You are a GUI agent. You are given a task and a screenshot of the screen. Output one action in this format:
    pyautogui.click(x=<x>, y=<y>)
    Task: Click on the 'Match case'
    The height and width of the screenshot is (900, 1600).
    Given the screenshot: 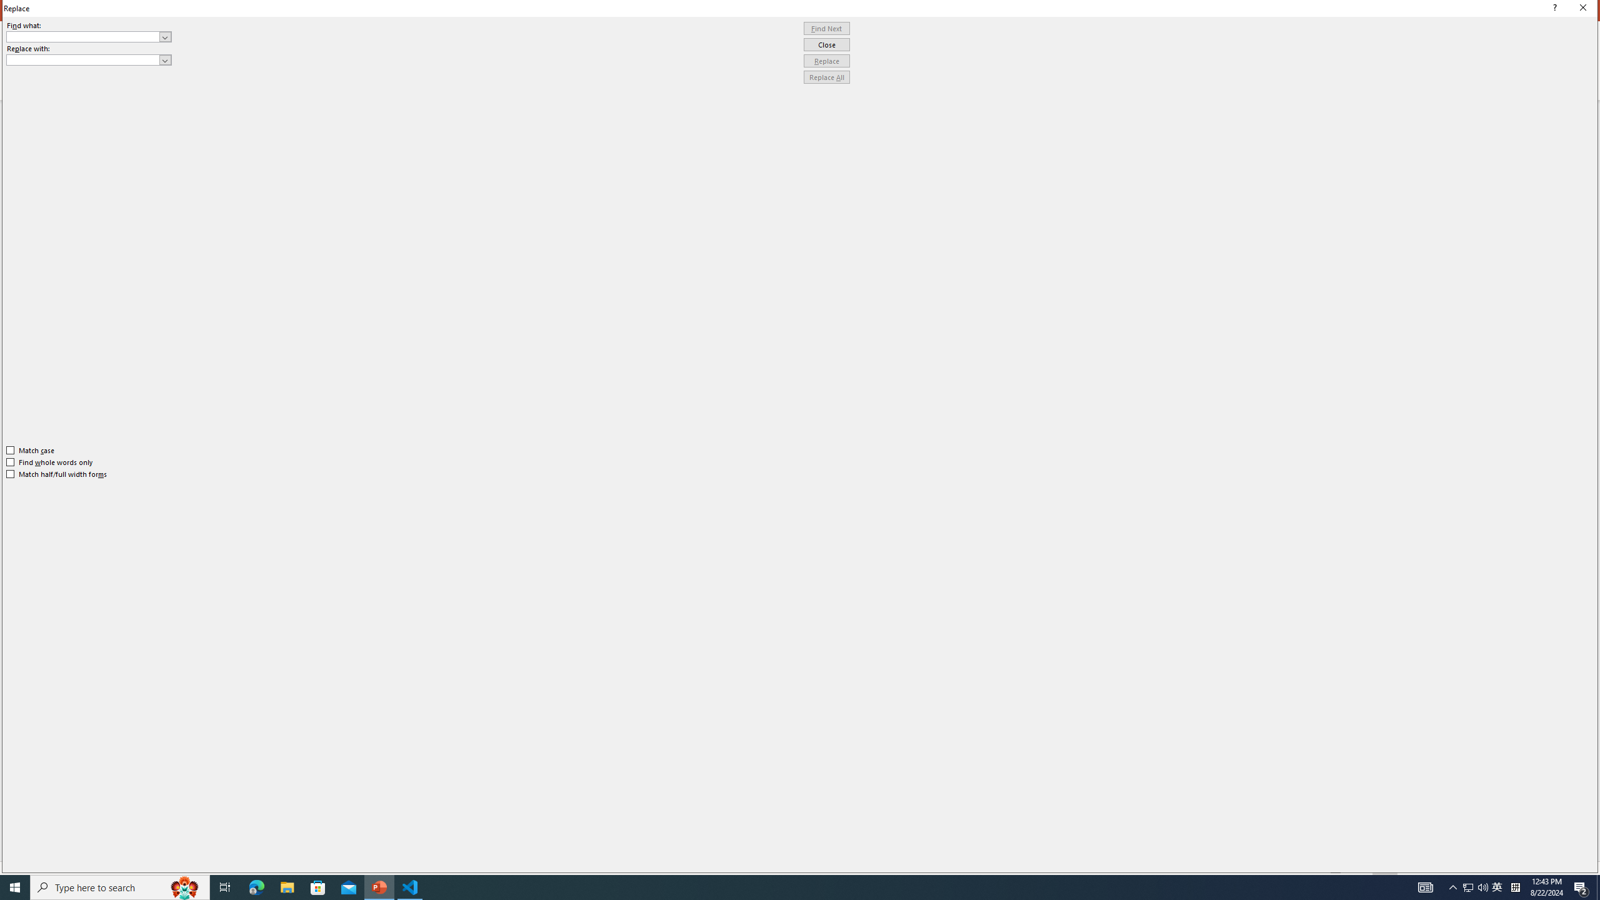 What is the action you would take?
    pyautogui.click(x=30, y=450)
    